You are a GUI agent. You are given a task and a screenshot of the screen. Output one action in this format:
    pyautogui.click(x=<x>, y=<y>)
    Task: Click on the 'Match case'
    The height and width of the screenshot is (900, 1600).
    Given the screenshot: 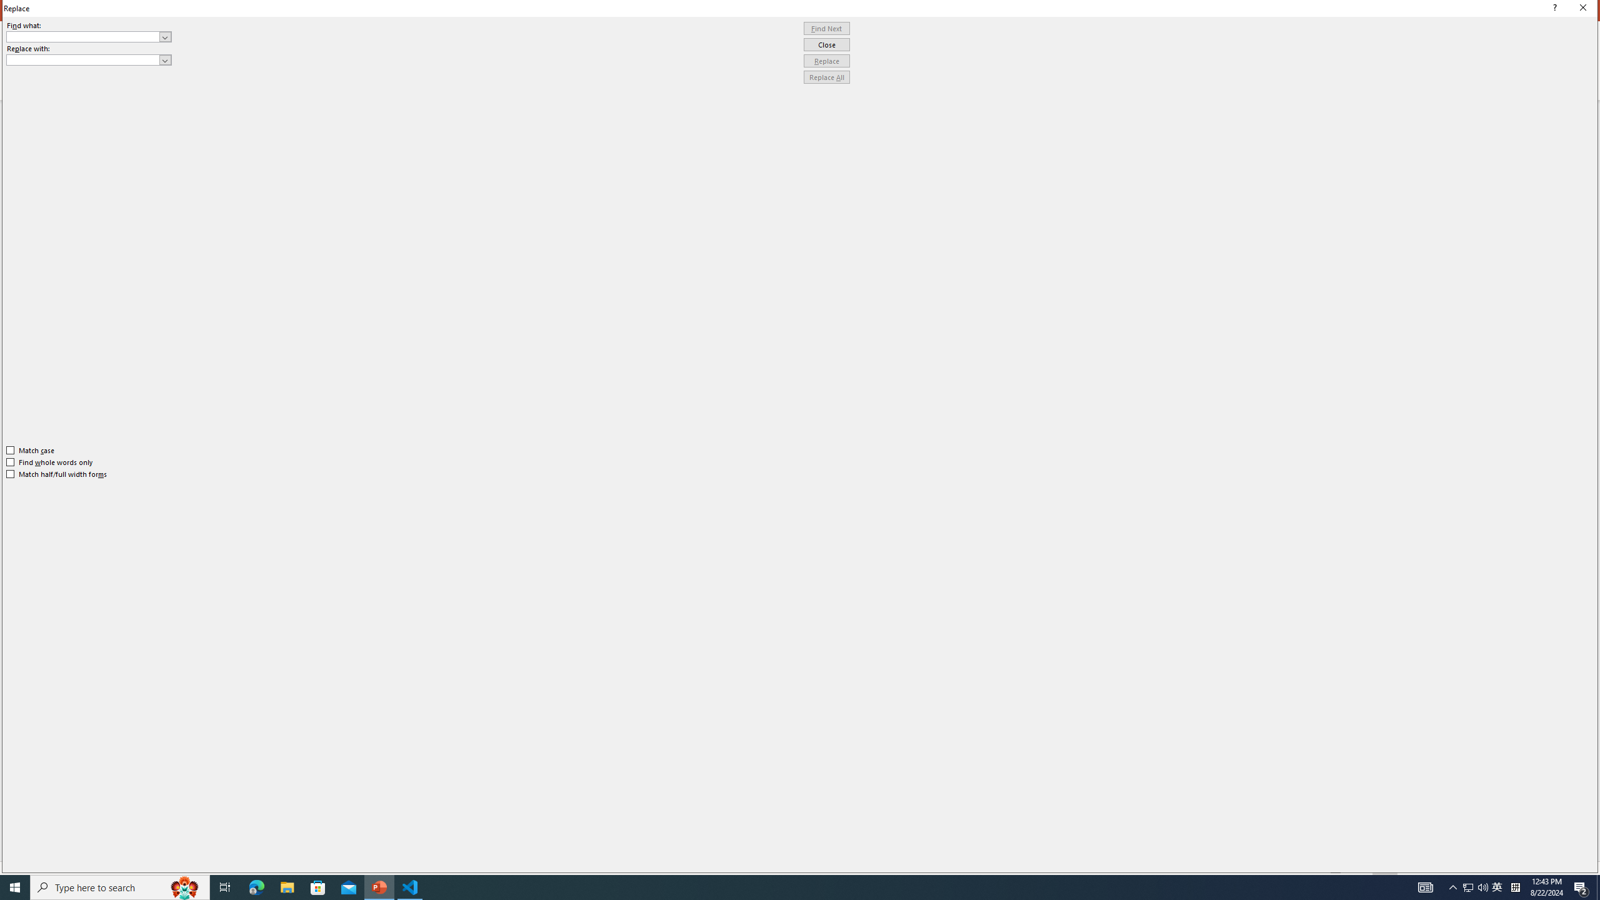 What is the action you would take?
    pyautogui.click(x=30, y=450)
    